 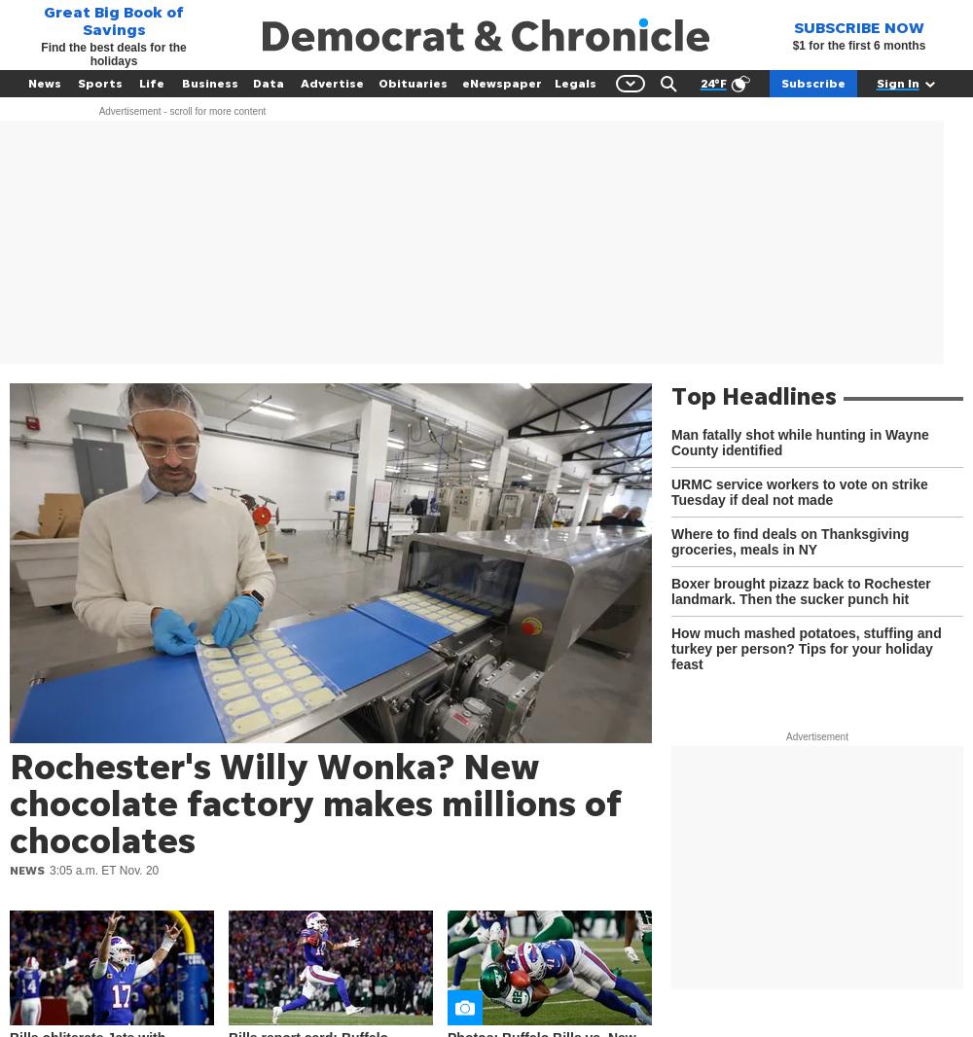 What do you see at coordinates (670, 540) in the screenshot?
I see `'Where to find deals on Thanksgiving groceries, meals in NY'` at bounding box center [670, 540].